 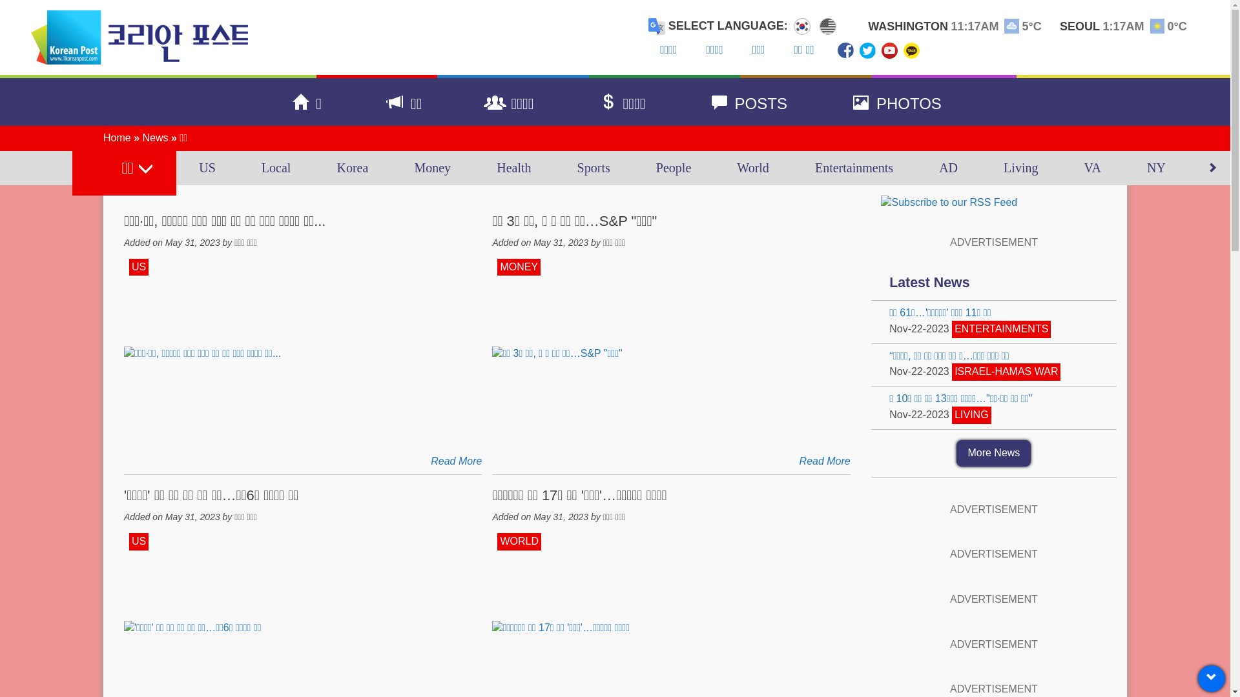 What do you see at coordinates (853, 168) in the screenshot?
I see `'Entertainments'` at bounding box center [853, 168].